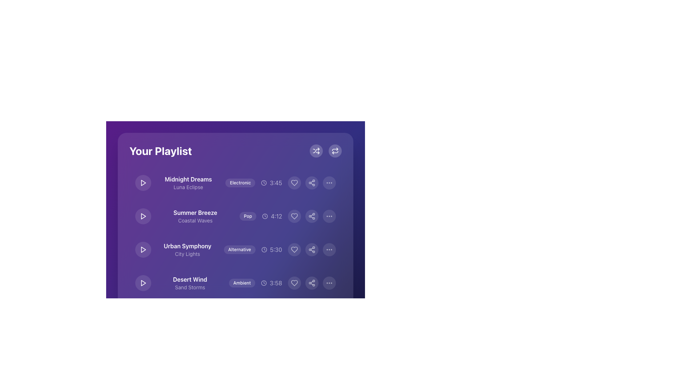 This screenshot has height=392, width=698. What do you see at coordinates (190, 282) in the screenshot?
I see `the text display element that shows the title and subtitle of a track in the fourth row of the playlist, aligned with the play button icon and genre information` at bounding box center [190, 282].